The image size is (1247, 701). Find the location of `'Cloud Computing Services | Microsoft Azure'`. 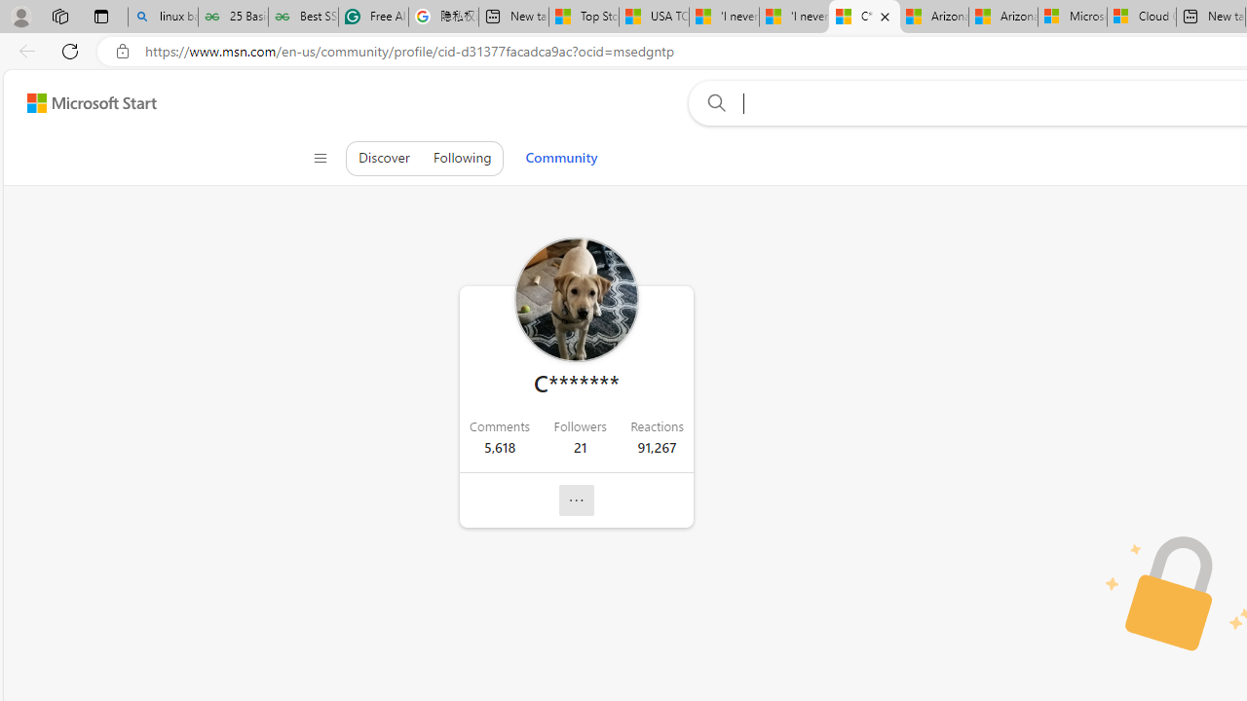

'Cloud Computing Services | Microsoft Azure' is located at coordinates (1141, 17).